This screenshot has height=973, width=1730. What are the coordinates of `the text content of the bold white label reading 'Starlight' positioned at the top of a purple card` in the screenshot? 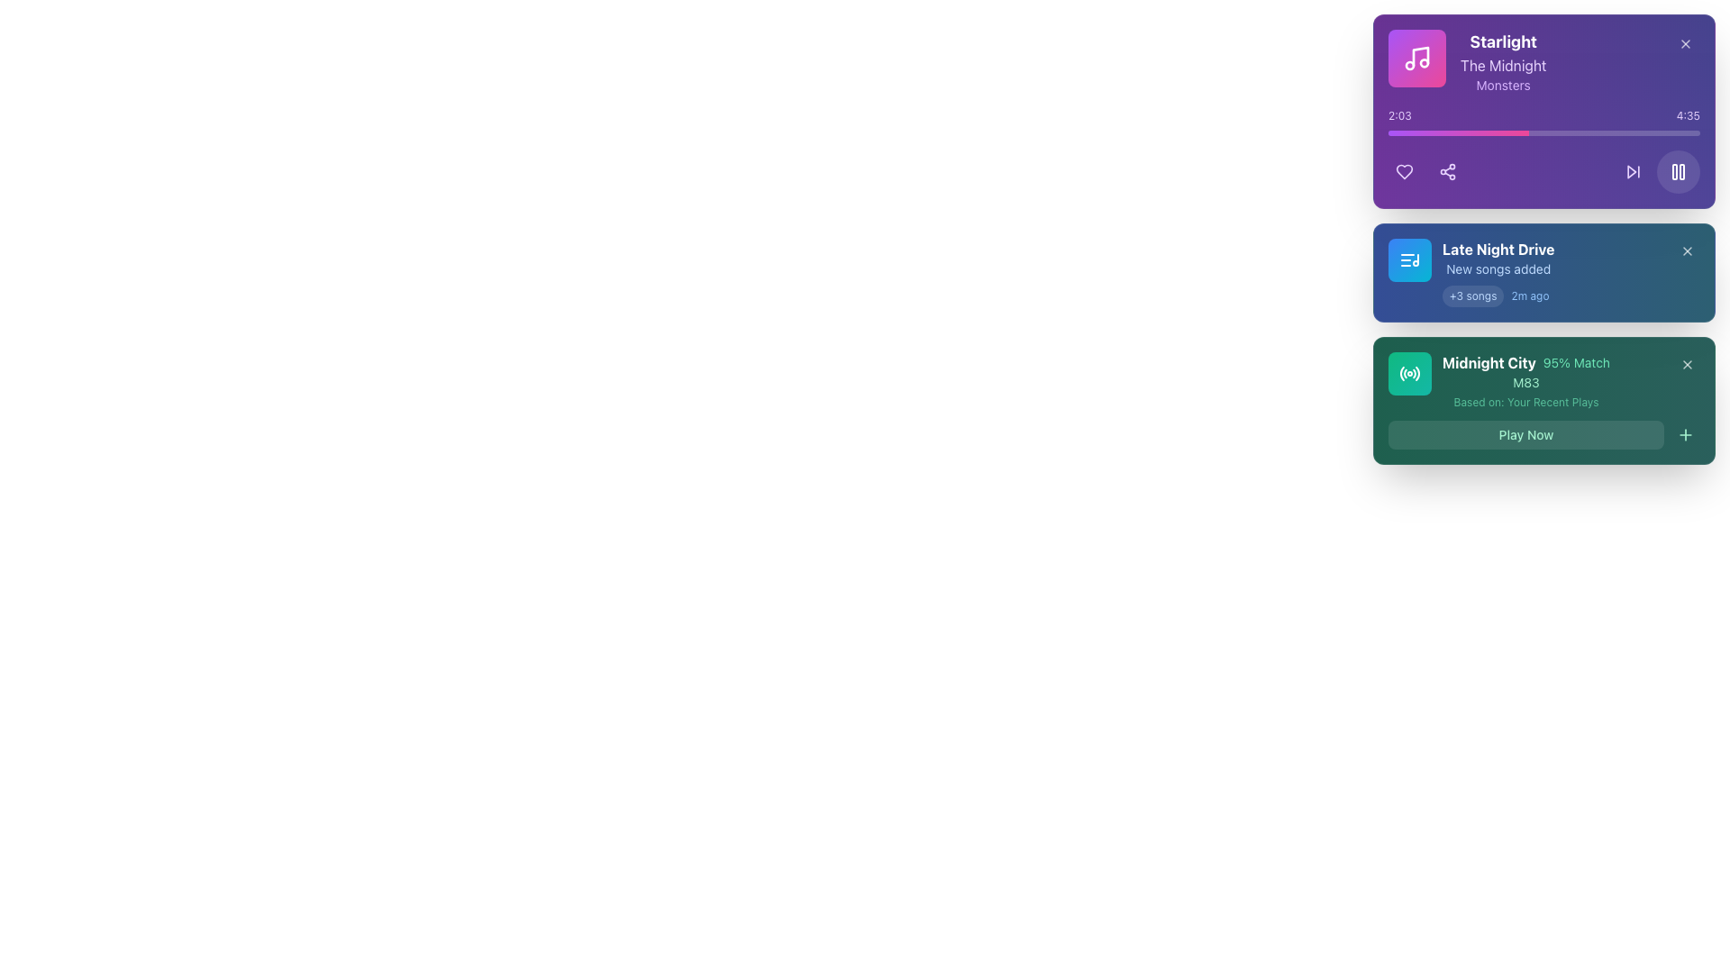 It's located at (1503, 41).